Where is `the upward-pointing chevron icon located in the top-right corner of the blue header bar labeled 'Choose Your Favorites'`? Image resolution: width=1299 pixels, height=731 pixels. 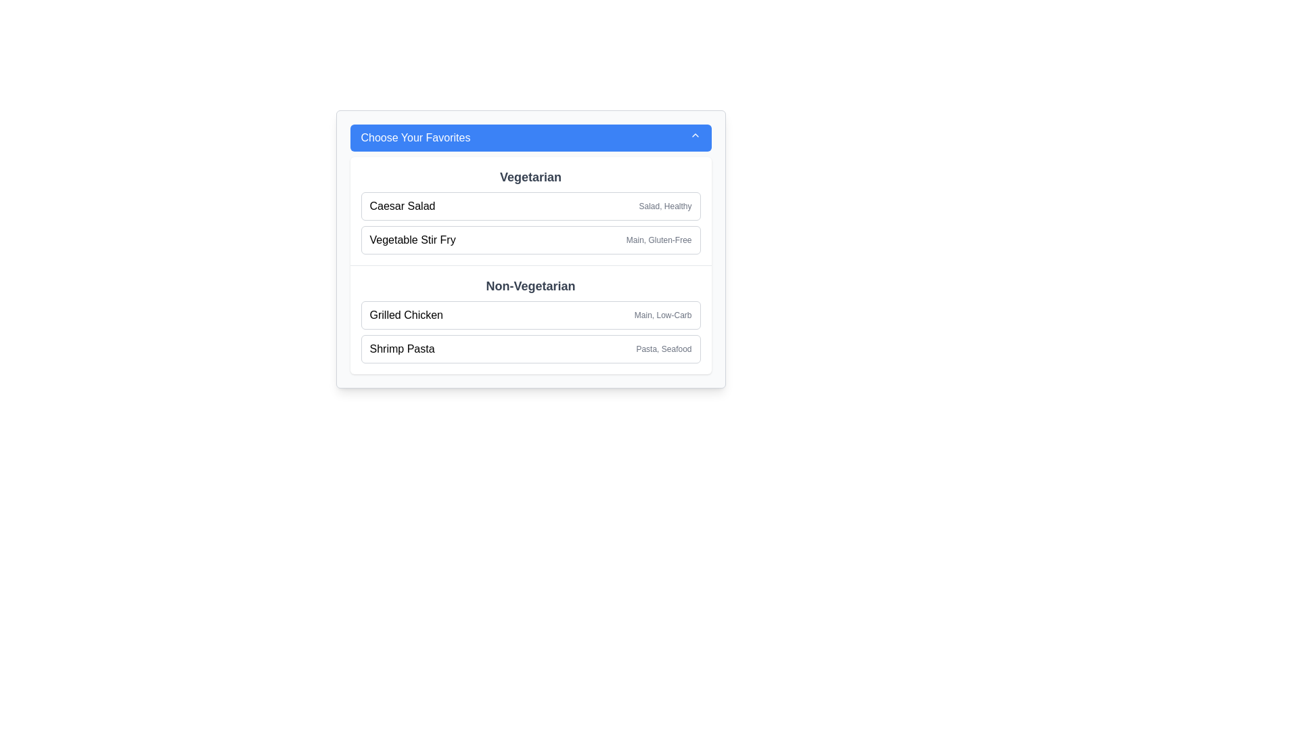
the upward-pointing chevron icon located in the top-right corner of the blue header bar labeled 'Choose Your Favorites' is located at coordinates (695, 135).